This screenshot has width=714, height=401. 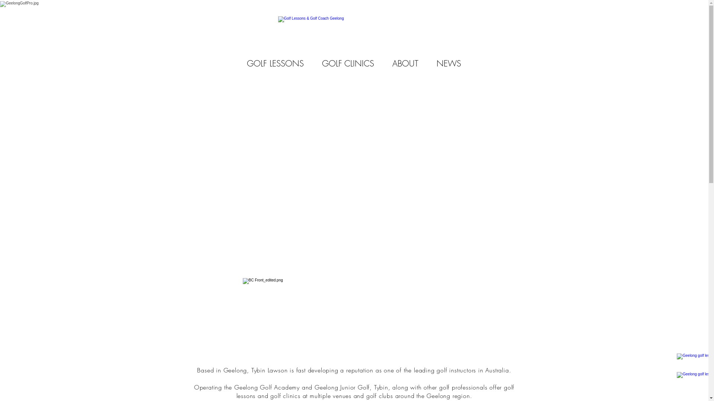 I want to click on 'NEWS', so click(x=448, y=63).